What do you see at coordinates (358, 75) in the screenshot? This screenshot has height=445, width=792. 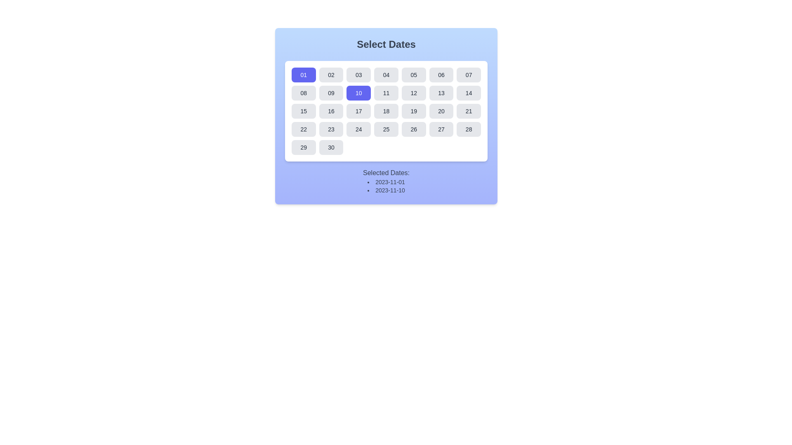 I see `the selectable date button representing the 3rd day in the calendar interface via keyboard navigation` at bounding box center [358, 75].